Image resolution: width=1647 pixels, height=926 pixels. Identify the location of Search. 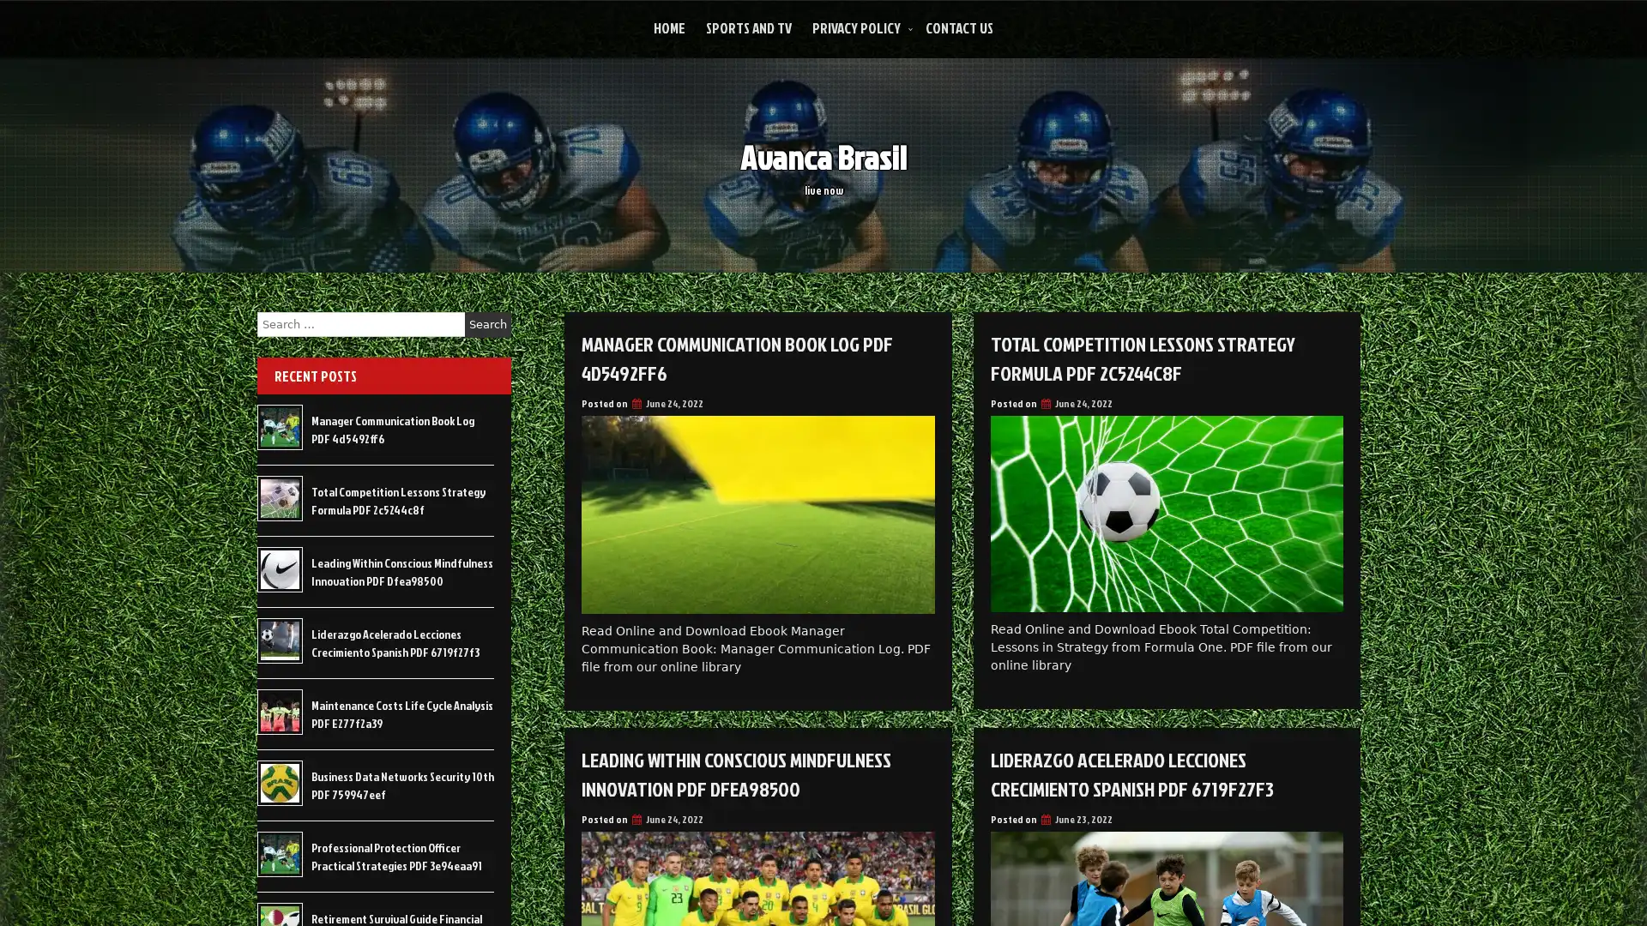
(487, 324).